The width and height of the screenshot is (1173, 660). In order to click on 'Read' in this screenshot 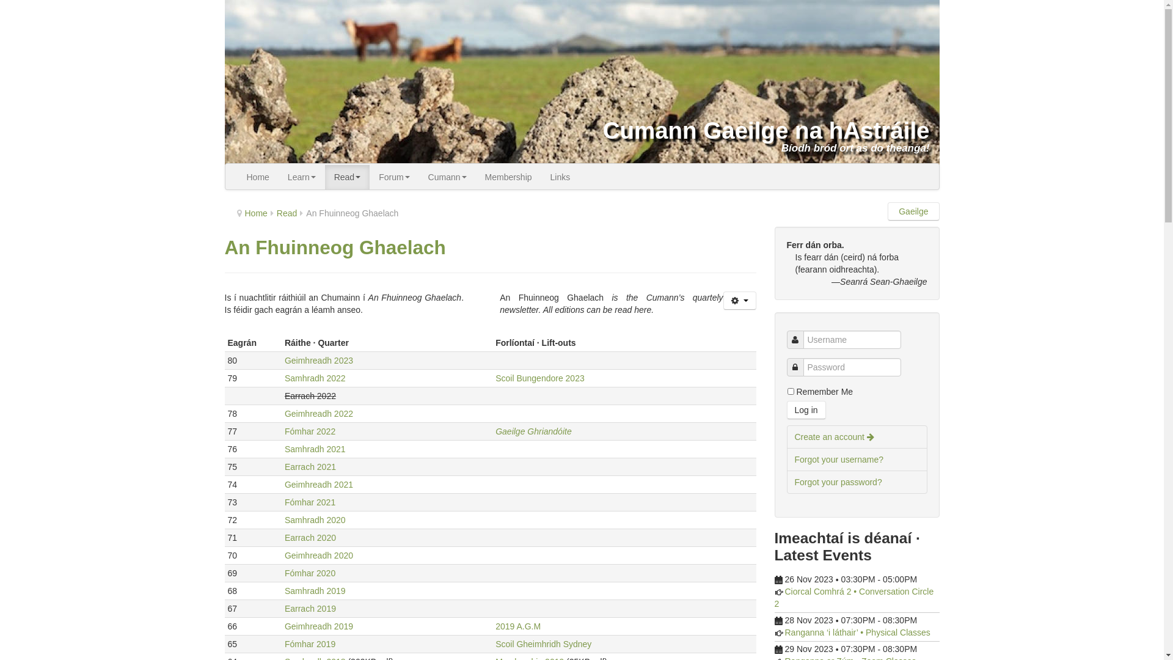, I will do `click(346, 177)`.